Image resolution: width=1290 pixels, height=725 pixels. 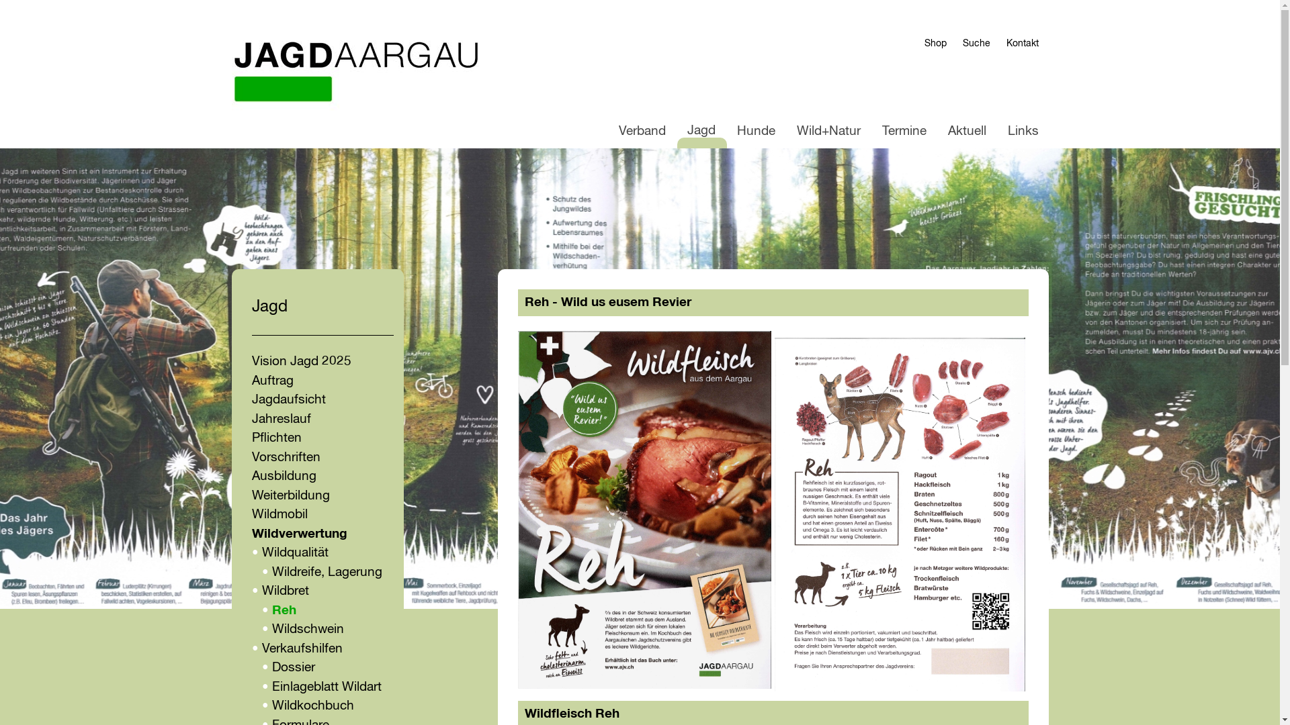 I want to click on 'Pflichten', so click(x=251, y=438).